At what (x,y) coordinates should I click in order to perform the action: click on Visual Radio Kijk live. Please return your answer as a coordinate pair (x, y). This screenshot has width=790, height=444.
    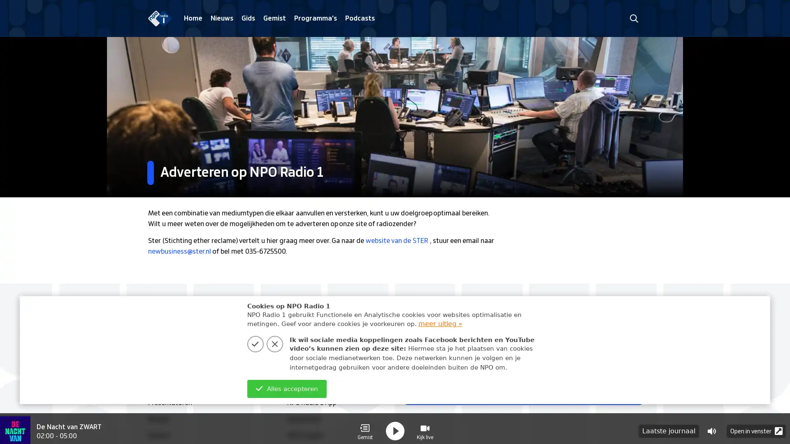
    Looking at the image, I should click on (425, 426).